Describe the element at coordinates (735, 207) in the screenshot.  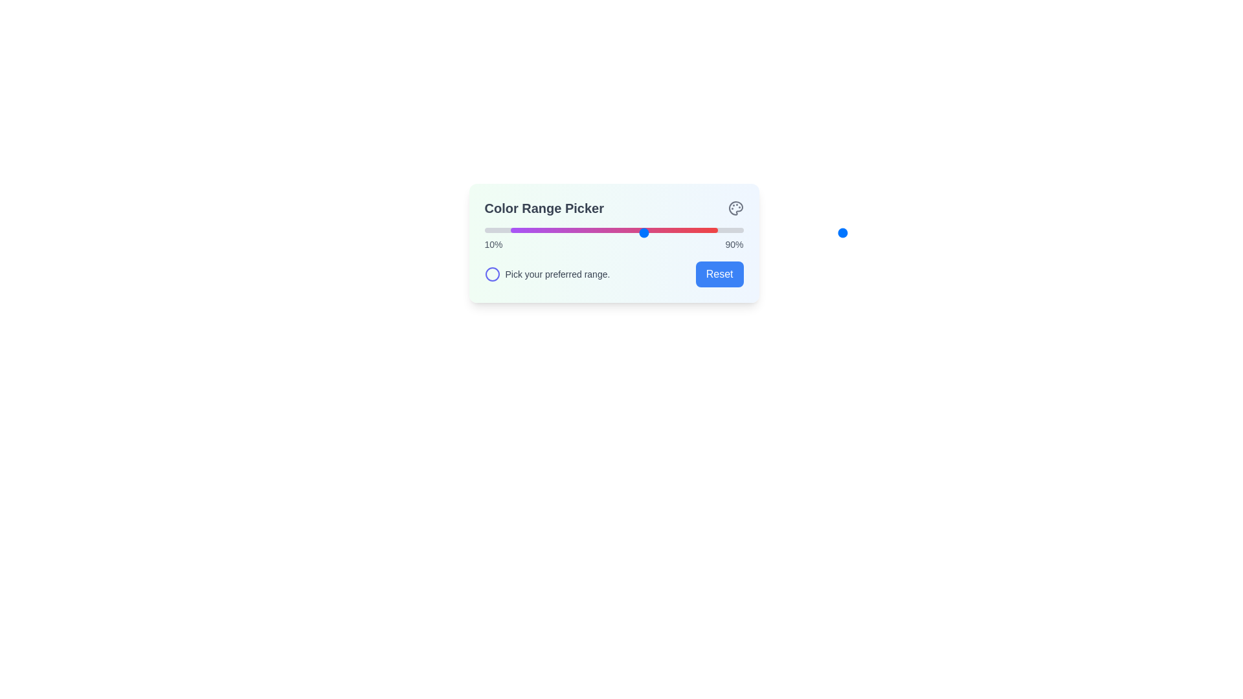
I see `the circular graphic element that is part of the palette icon in the top-right corner of the 'Color Range Picker' dialogue box` at that location.